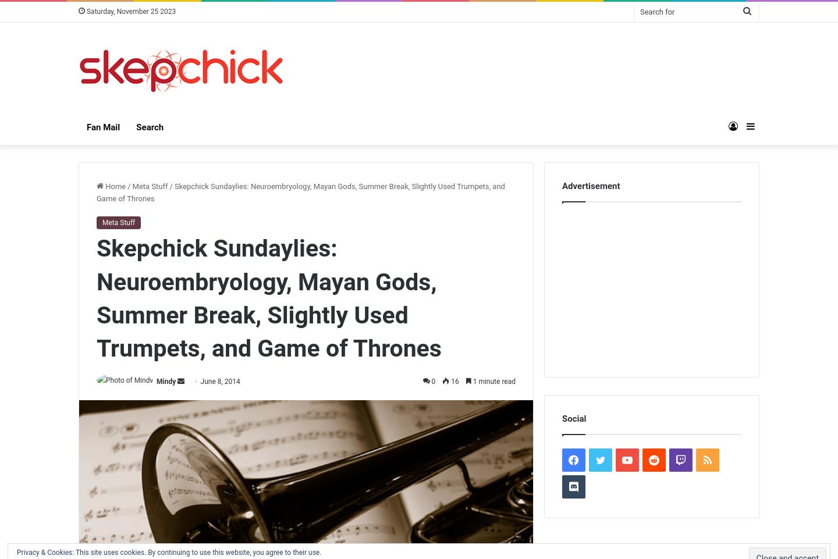  What do you see at coordinates (219, 380) in the screenshot?
I see `'June 8, 2014'` at bounding box center [219, 380].